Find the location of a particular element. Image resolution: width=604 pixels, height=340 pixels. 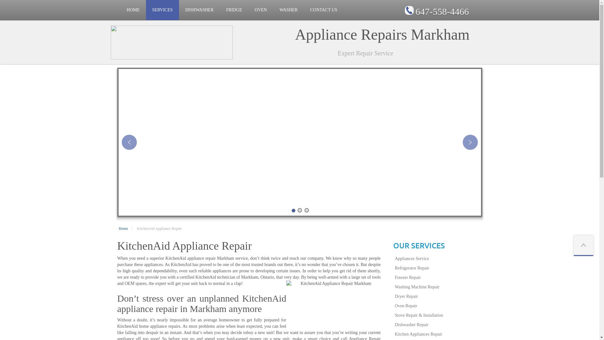

'Washing Machine Repair' is located at coordinates (437, 287).